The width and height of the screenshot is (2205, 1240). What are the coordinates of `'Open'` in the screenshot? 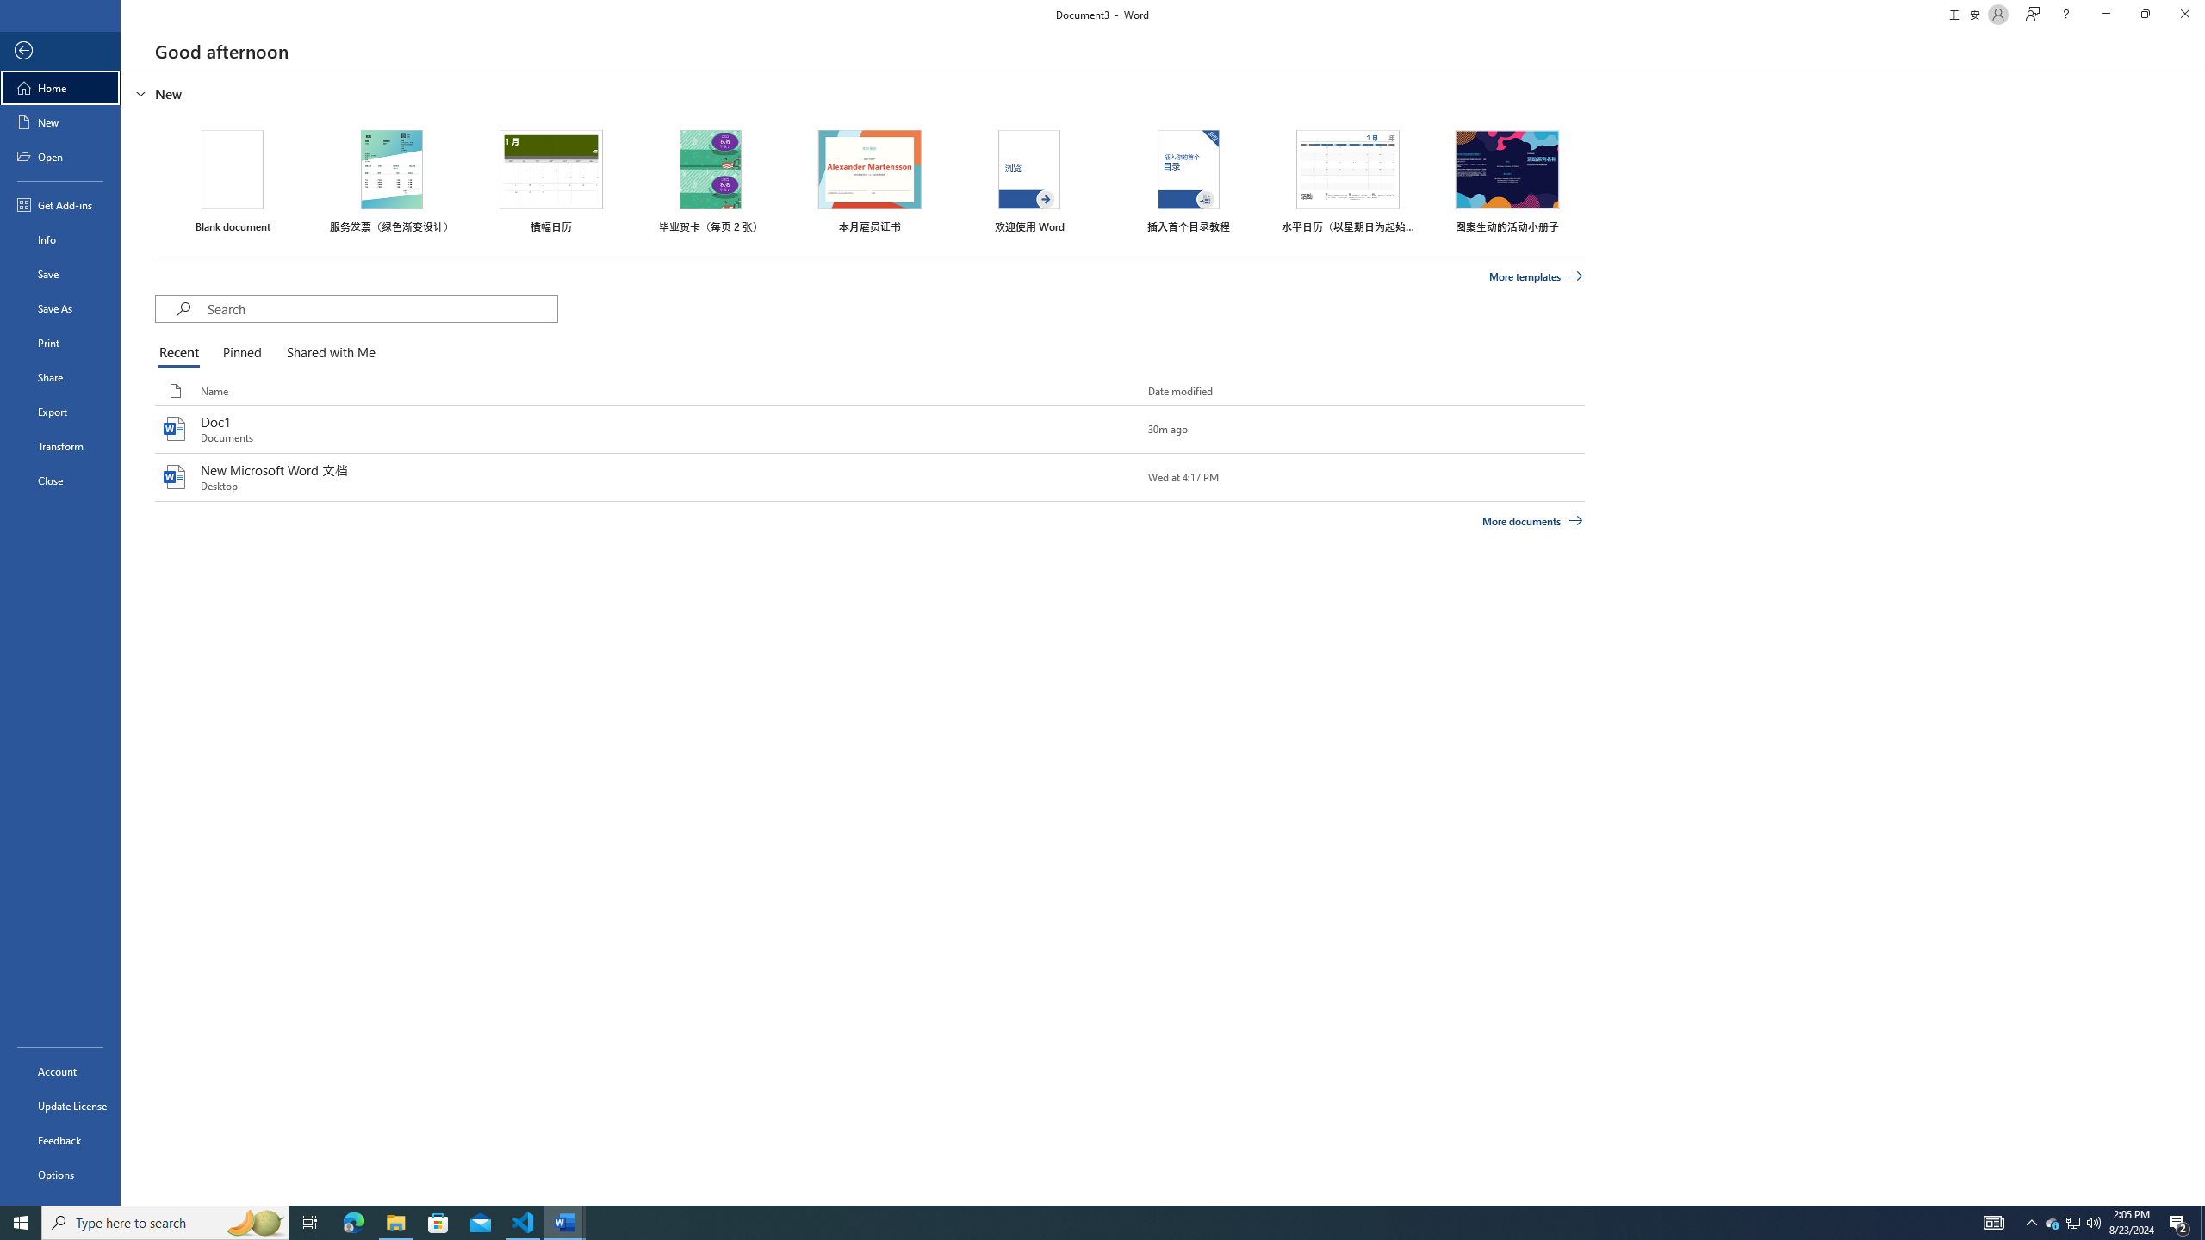 It's located at (59, 155).